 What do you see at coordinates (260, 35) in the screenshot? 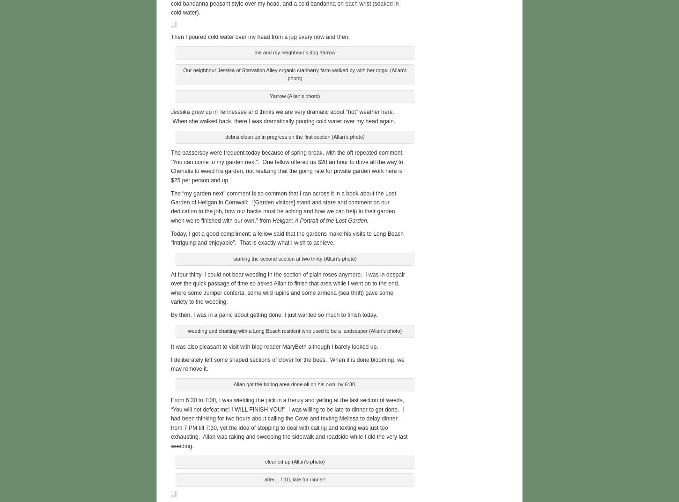
I see `'Then I poured cold water over my head from a jug every now and then.'` at bounding box center [260, 35].